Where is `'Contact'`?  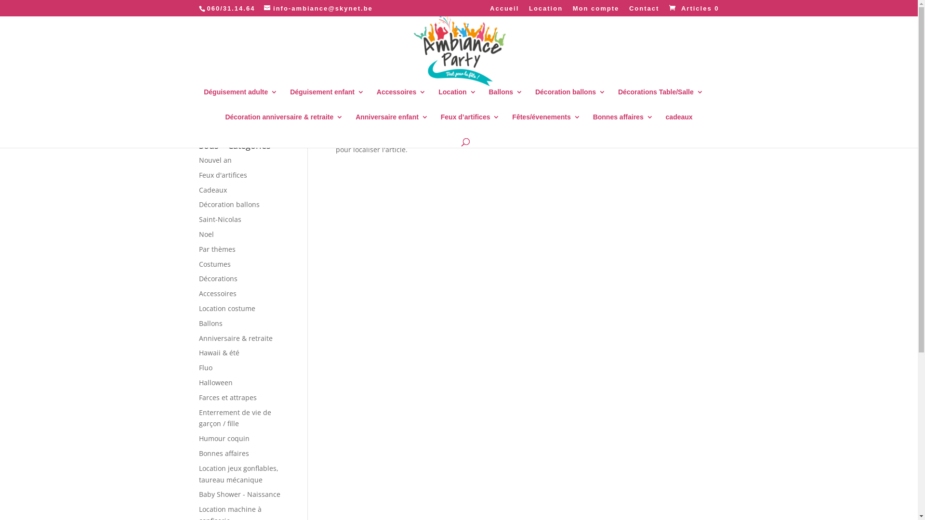
'Contact' is located at coordinates (644, 11).